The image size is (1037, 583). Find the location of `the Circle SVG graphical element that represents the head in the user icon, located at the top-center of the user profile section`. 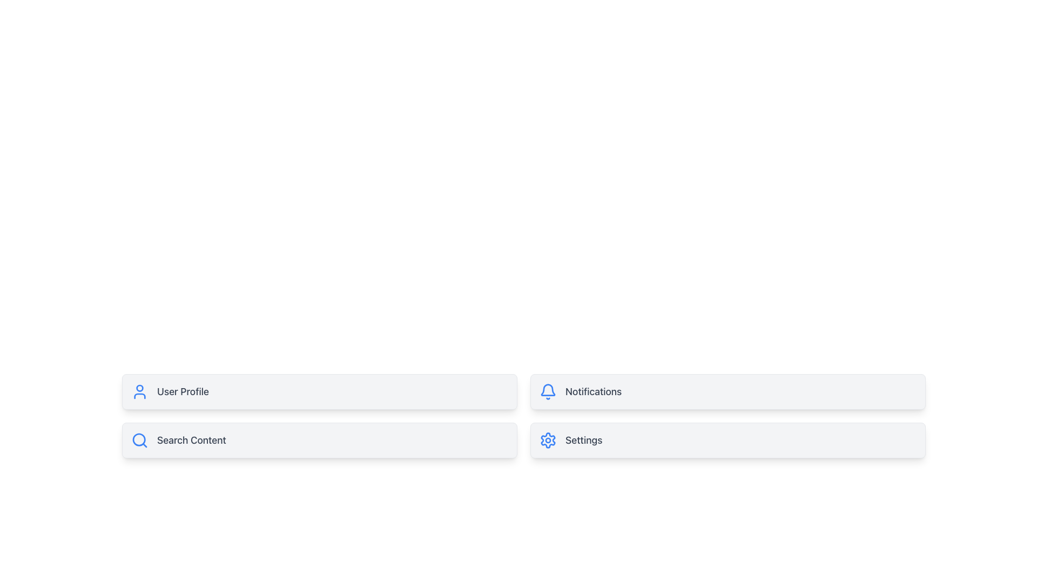

the Circle SVG graphical element that represents the head in the user icon, located at the top-center of the user profile section is located at coordinates (139, 388).